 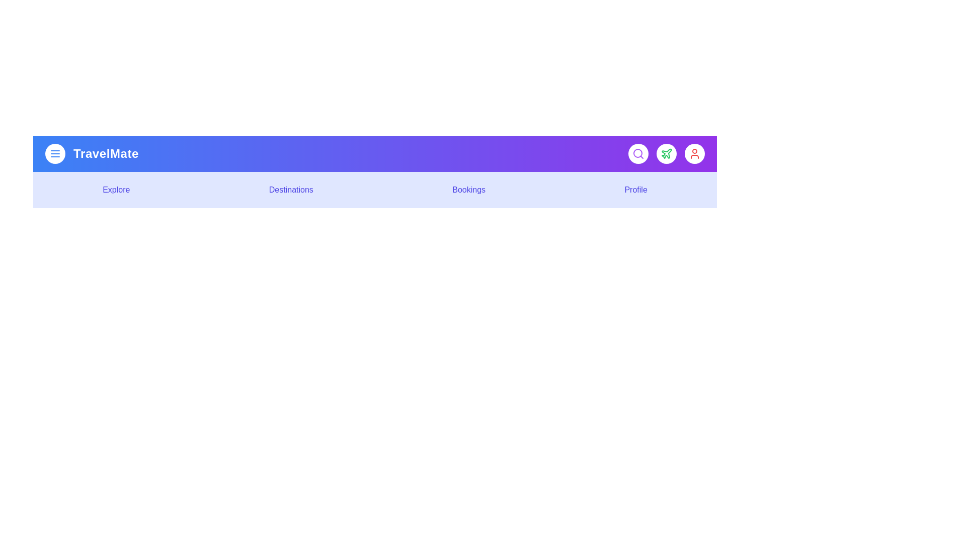 What do you see at coordinates (106, 153) in the screenshot?
I see `the 'TravelMate' branding text` at bounding box center [106, 153].